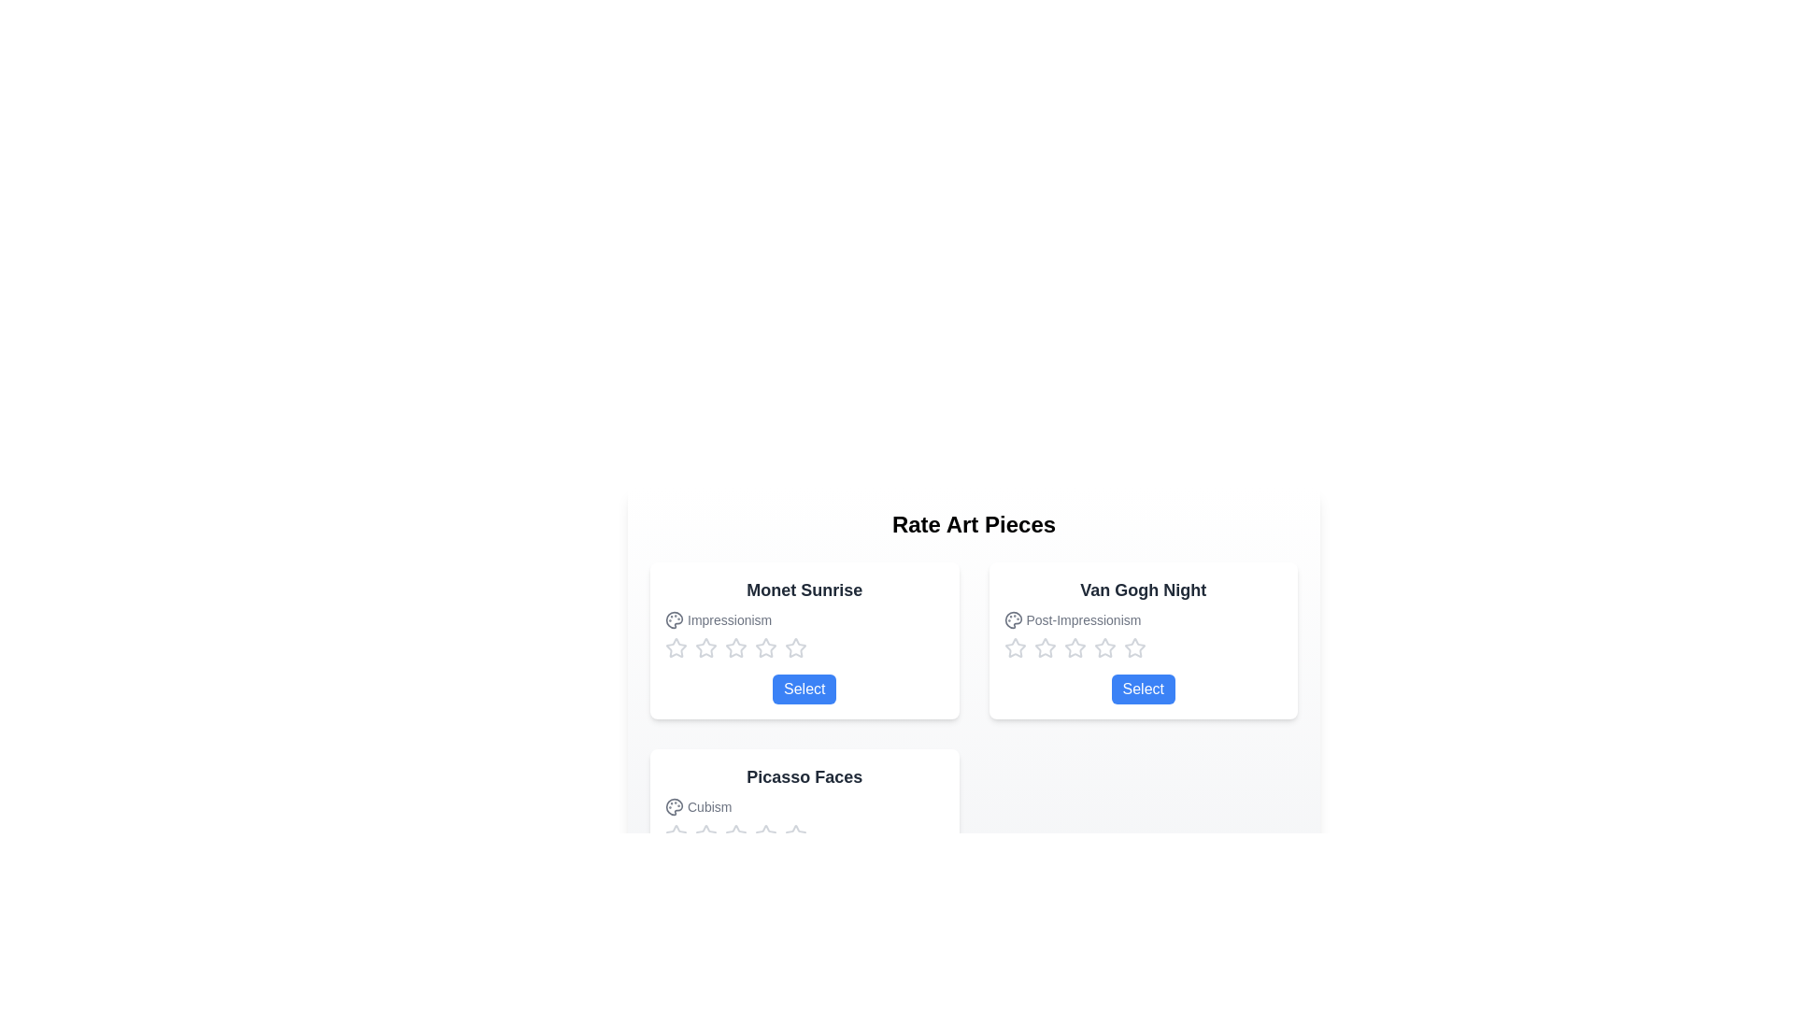  What do you see at coordinates (804, 827) in the screenshot?
I see `the stars in the Content card titled 'Picasso Faces'` at bounding box center [804, 827].